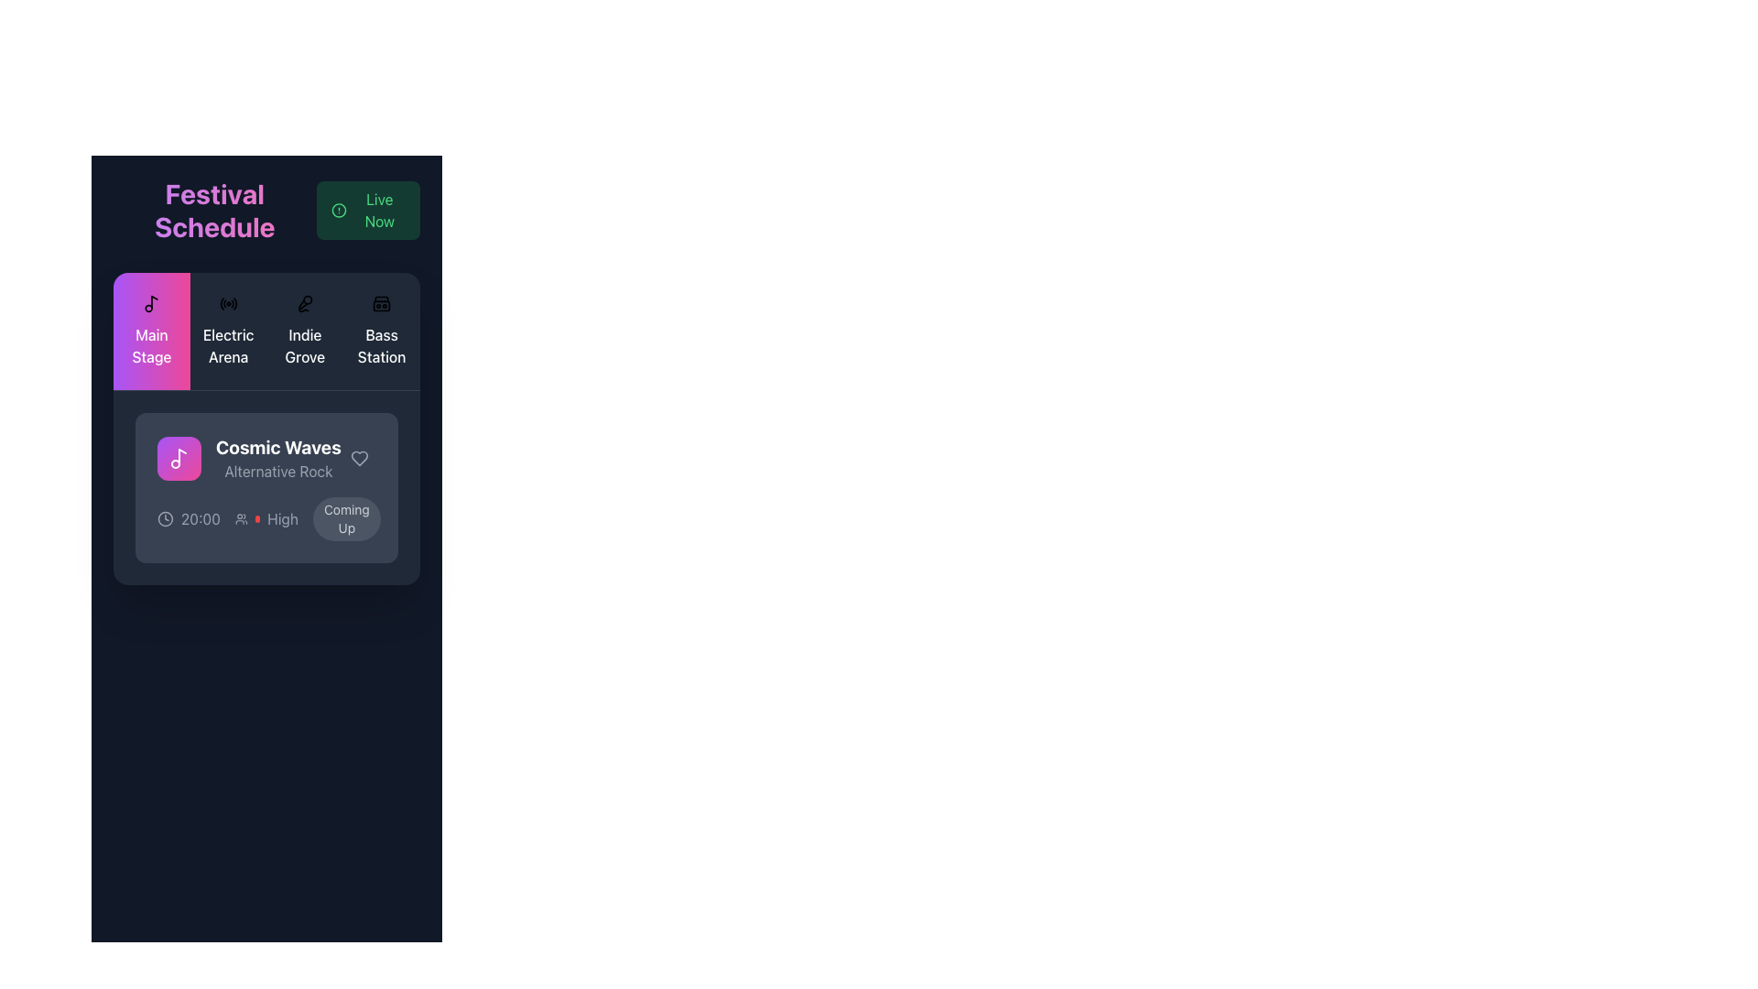 The width and height of the screenshot is (1758, 989). What do you see at coordinates (282, 519) in the screenshot?
I see `the text label displaying 'High' in light gray text, which is part of the 'Cosmic Waves' card in the 'Main Stage' section` at bounding box center [282, 519].